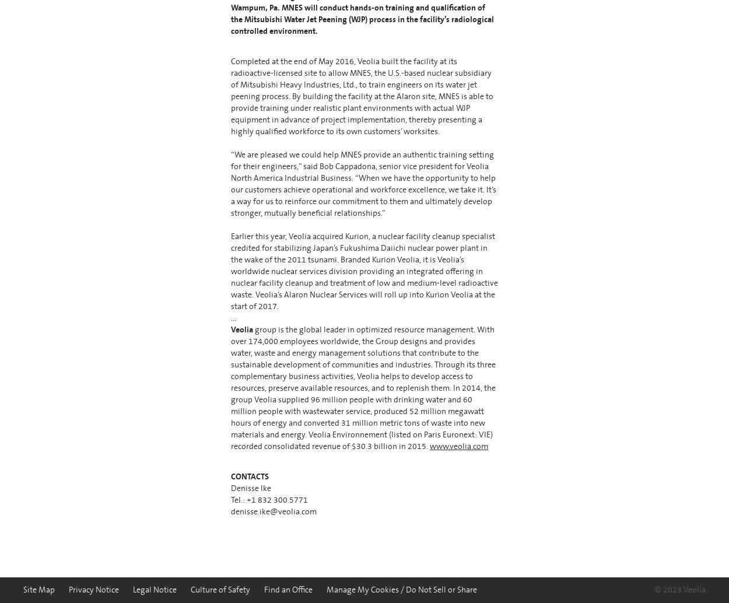 The image size is (729, 603). Describe the element at coordinates (231, 511) in the screenshot. I see `'denisse.ike@veolia.com'` at that location.